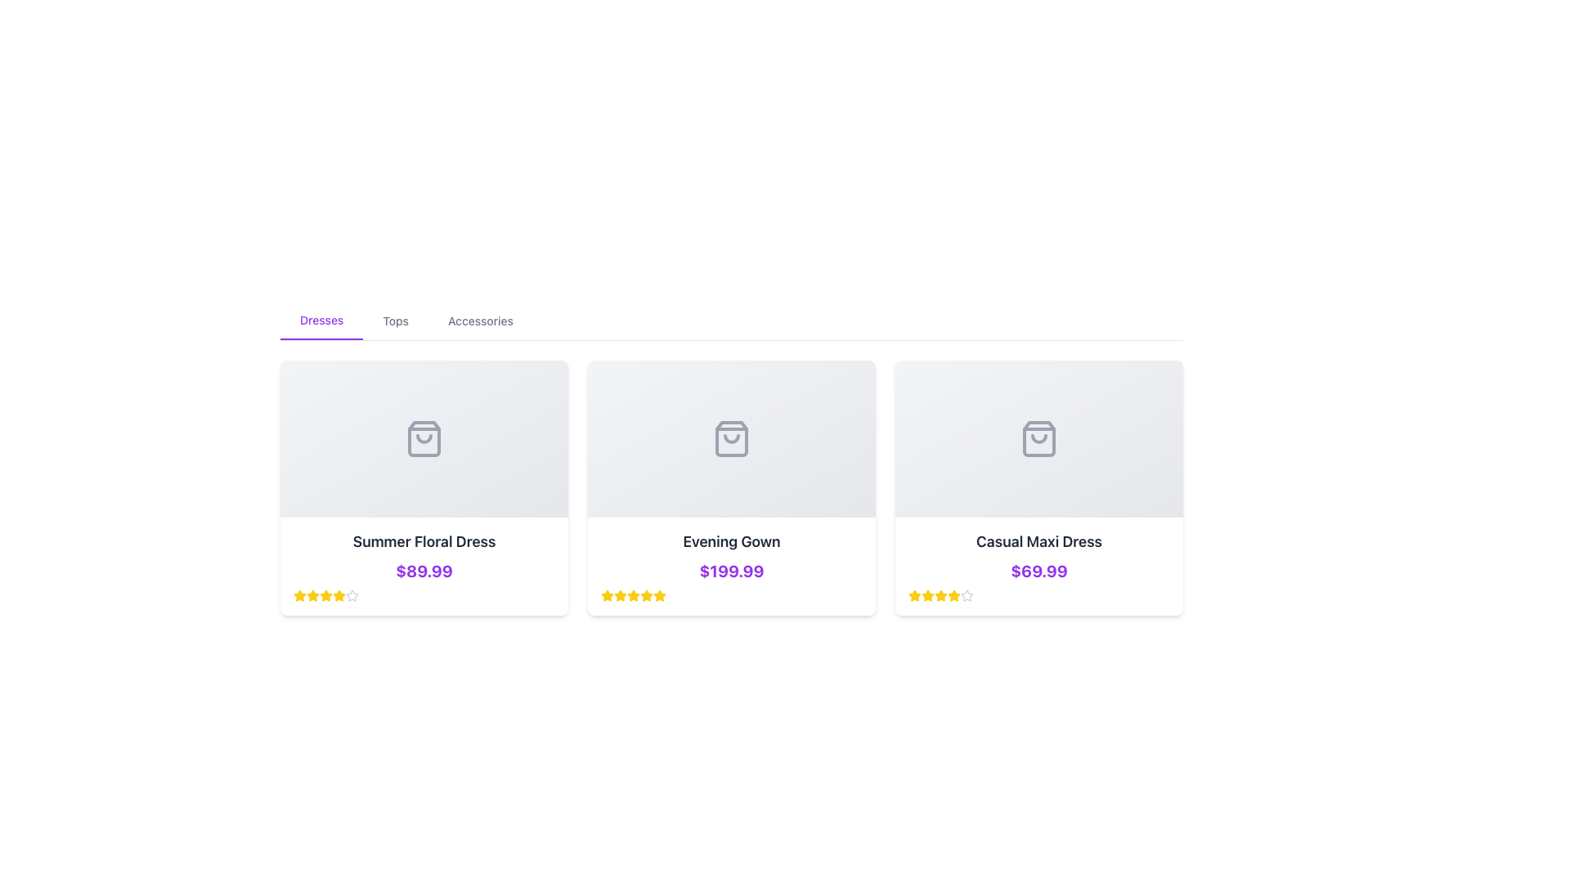 The height and width of the screenshot is (883, 1570). Describe the element at coordinates (396, 321) in the screenshot. I see `the 'Tops' interactive text label in the horizontal navigation bar` at that location.